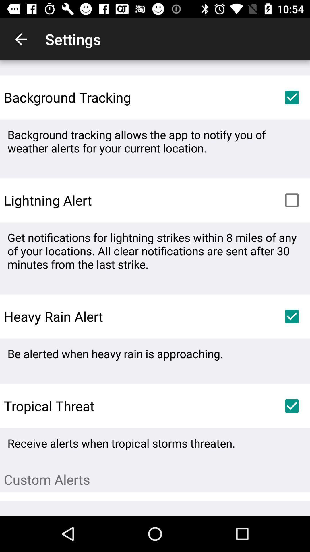 This screenshot has height=552, width=310. Describe the element at coordinates (292, 406) in the screenshot. I see `the item to the right of the tropical threat item` at that location.